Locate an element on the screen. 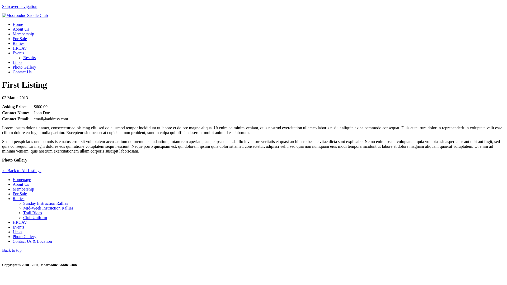  'For Sale' is located at coordinates (20, 194).